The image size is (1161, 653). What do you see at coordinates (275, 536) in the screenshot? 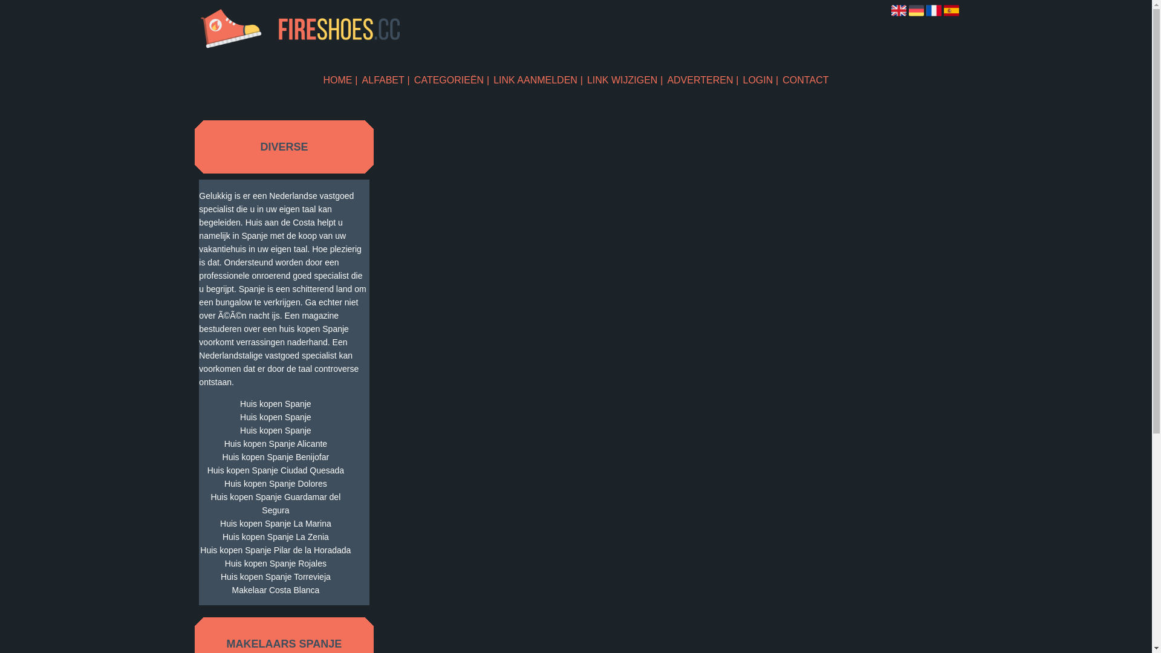
I see `'Huis kopen Spanje La Zenia'` at bounding box center [275, 536].